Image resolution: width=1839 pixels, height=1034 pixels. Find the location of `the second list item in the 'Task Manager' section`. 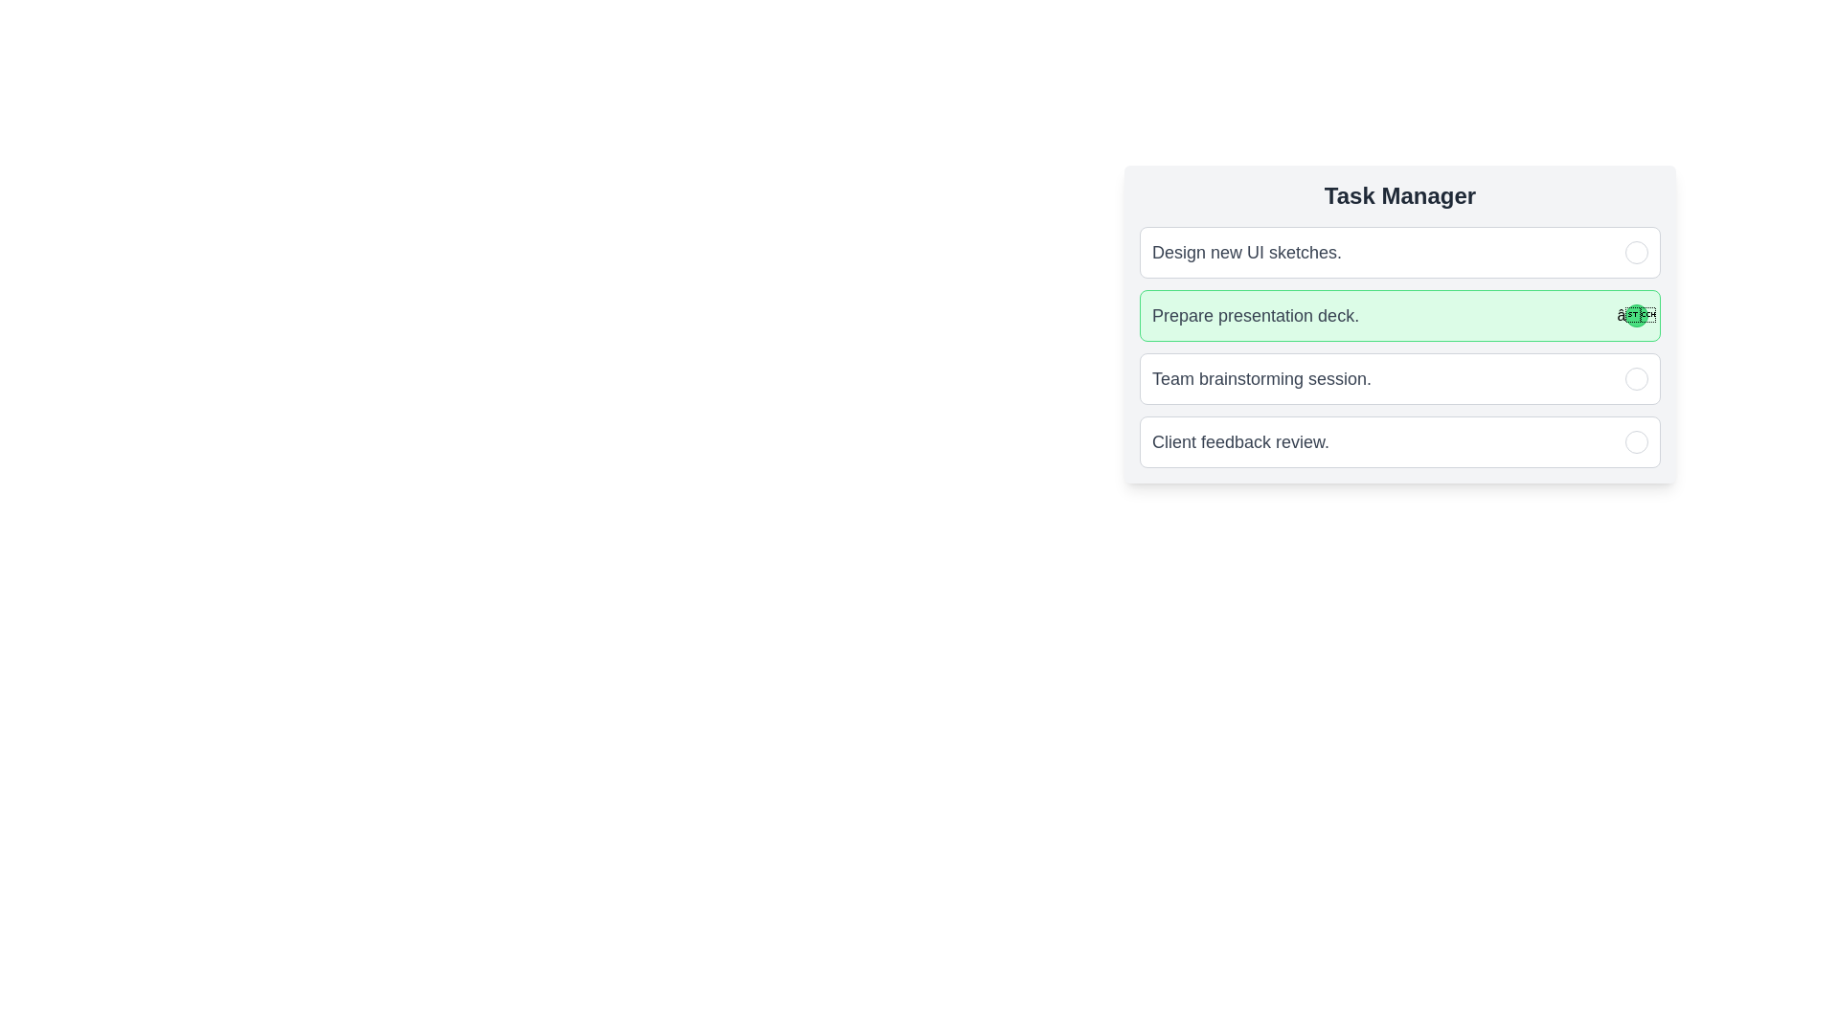

the second list item in the 'Task Manager' section is located at coordinates (1400, 324).